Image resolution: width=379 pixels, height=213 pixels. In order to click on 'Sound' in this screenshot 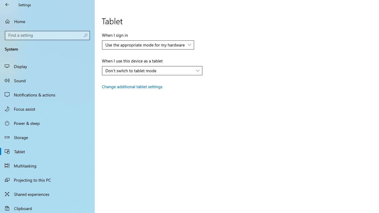, I will do `click(47, 80)`.